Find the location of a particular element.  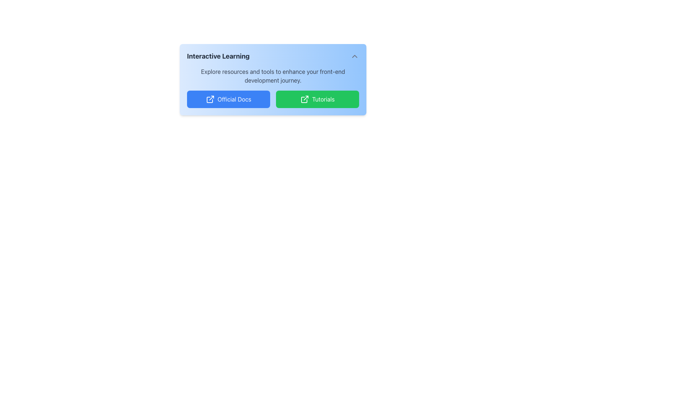

the external link icon with a blue background and white outline, located to the left of the 'Official Docs' button for visual feedback is located at coordinates (210, 99).